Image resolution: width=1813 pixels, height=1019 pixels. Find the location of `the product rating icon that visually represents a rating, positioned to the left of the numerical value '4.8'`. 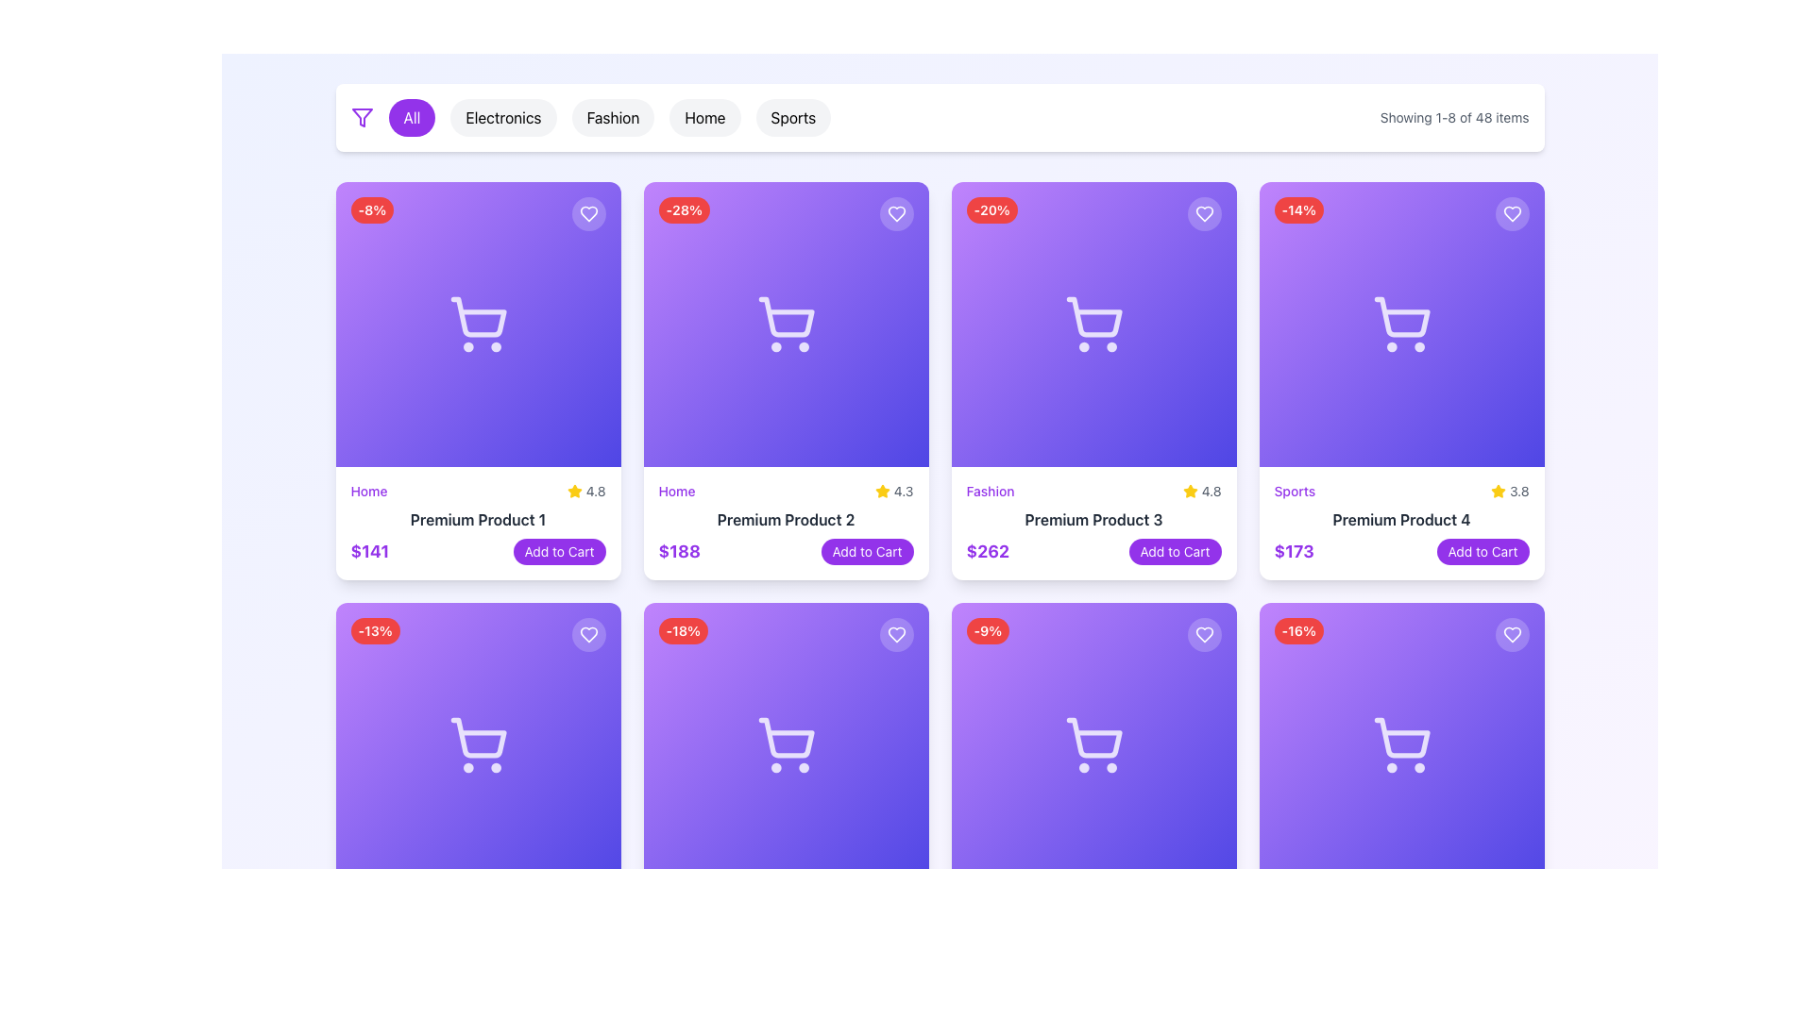

the product rating icon that visually represents a rating, positioned to the left of the numerical value '4.8' is located at coordinates (1189, 490).